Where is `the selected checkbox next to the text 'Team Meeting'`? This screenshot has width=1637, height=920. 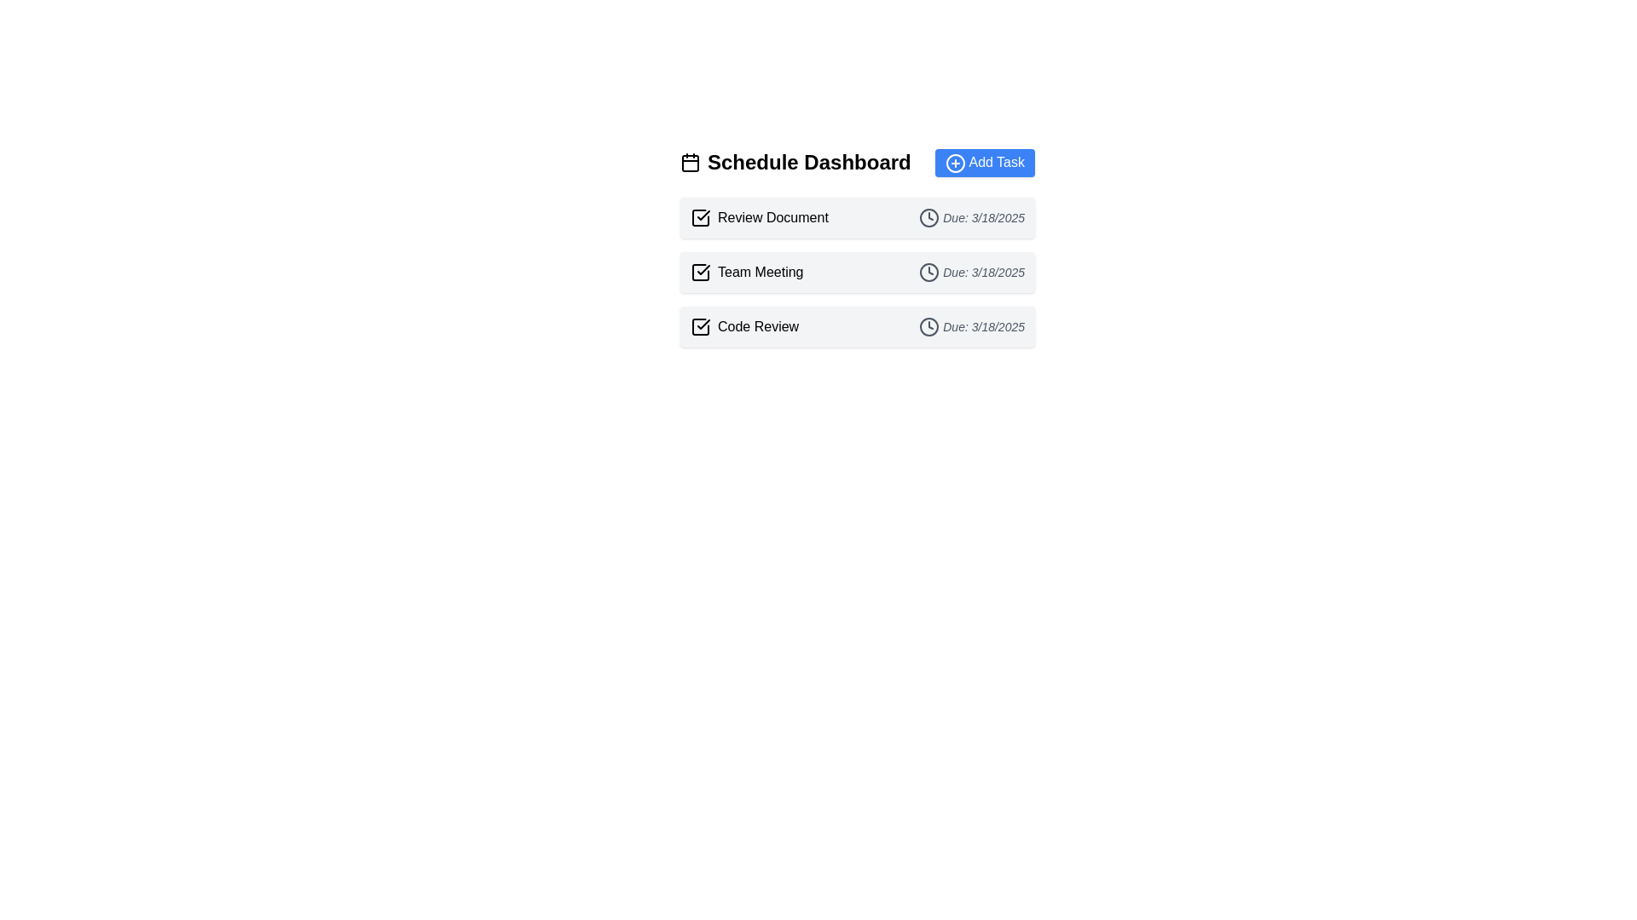 the selected checkbox next to the text 'Team Meeting' is located at coordinates (700, 271).